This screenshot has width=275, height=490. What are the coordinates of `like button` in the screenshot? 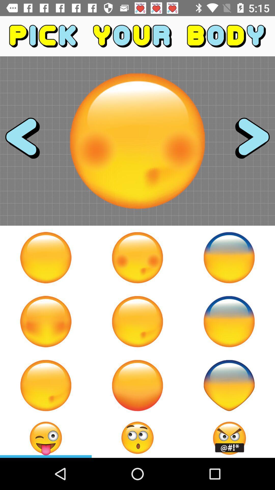 It's located at (46, 385).